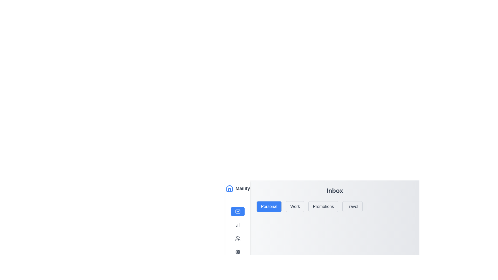  Describe the element at coordinates (295, 206) in the screenshot. I see `the 'Work' button` at that location.